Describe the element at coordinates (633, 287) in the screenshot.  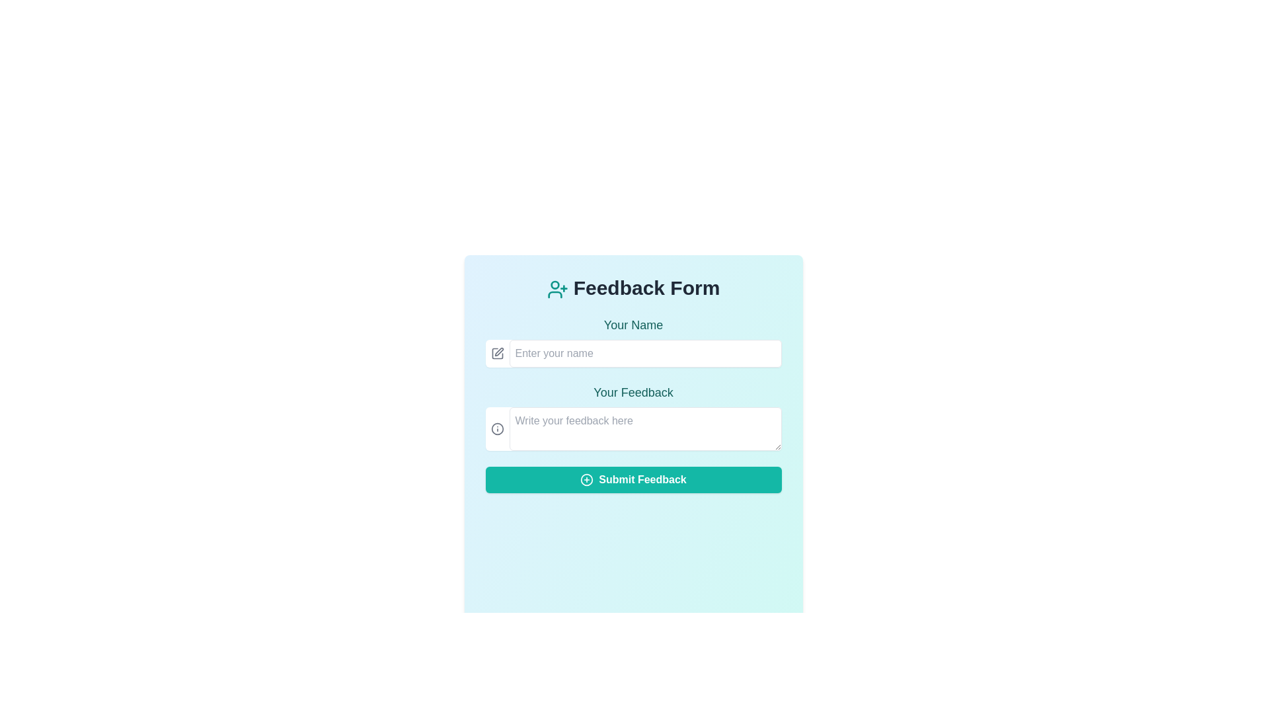
I see `title text element indicating that the form is for submitting feedback, which is centrally located at the top of the form interface` at that location.